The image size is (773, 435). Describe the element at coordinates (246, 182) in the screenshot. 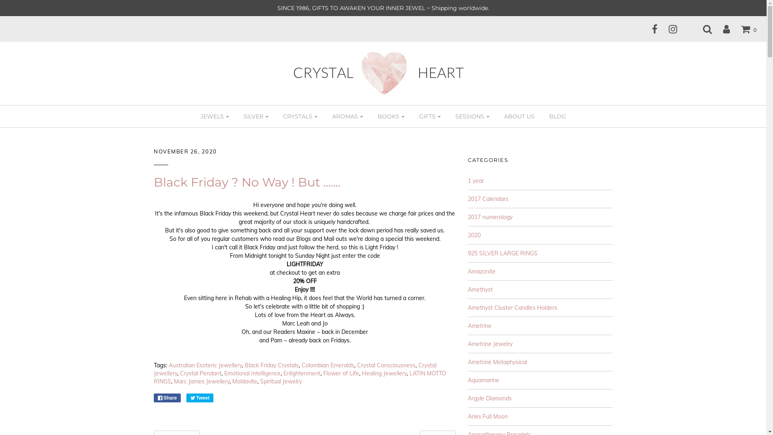

I see `'Black Friday ? No Way ! But .......'` at that location.